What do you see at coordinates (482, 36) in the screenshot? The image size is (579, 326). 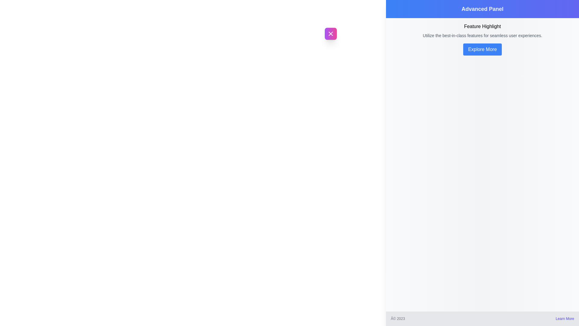 I see `the text element that states 'Utilize the best-in-class features for seamless user experiences,' which is located directly below the heading 'Feature Highlight.'` at bounding box center [482, 36].